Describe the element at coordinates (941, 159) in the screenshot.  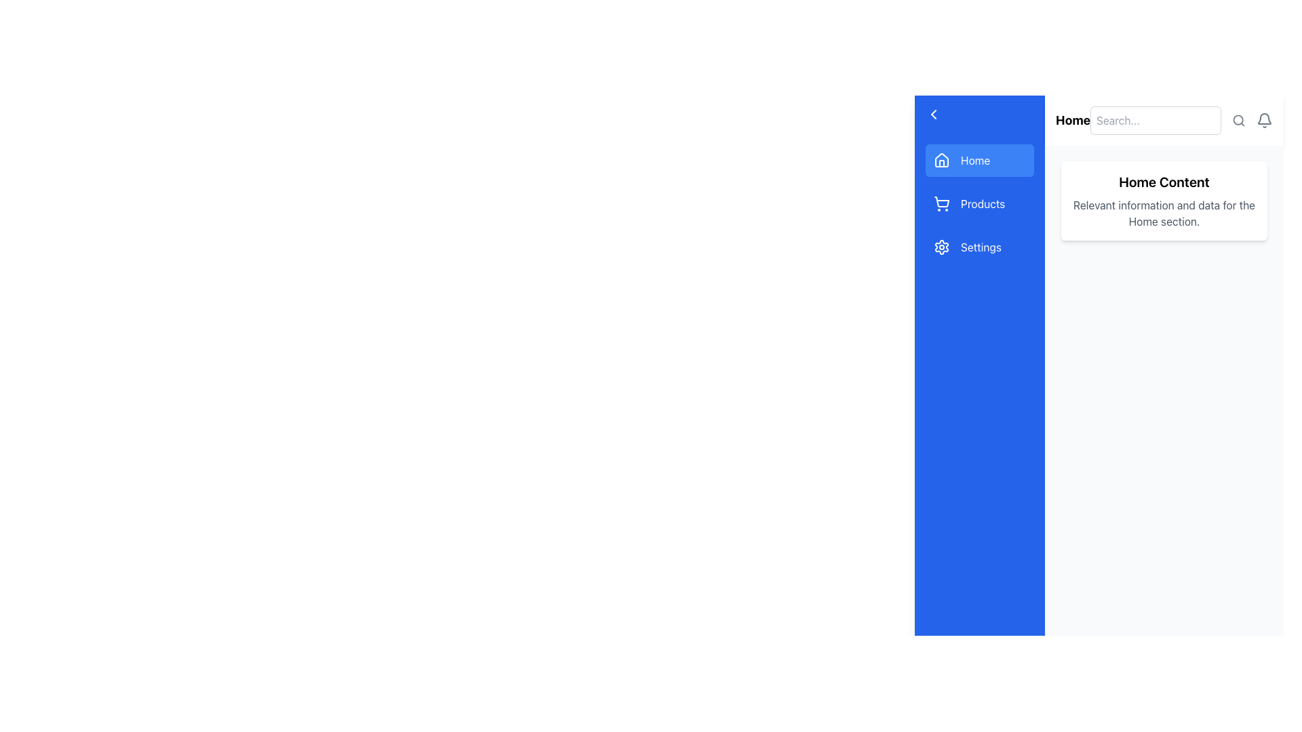
I see `the 'Home' button which contains the house icon in the left sidebar navigation menu` at that location.